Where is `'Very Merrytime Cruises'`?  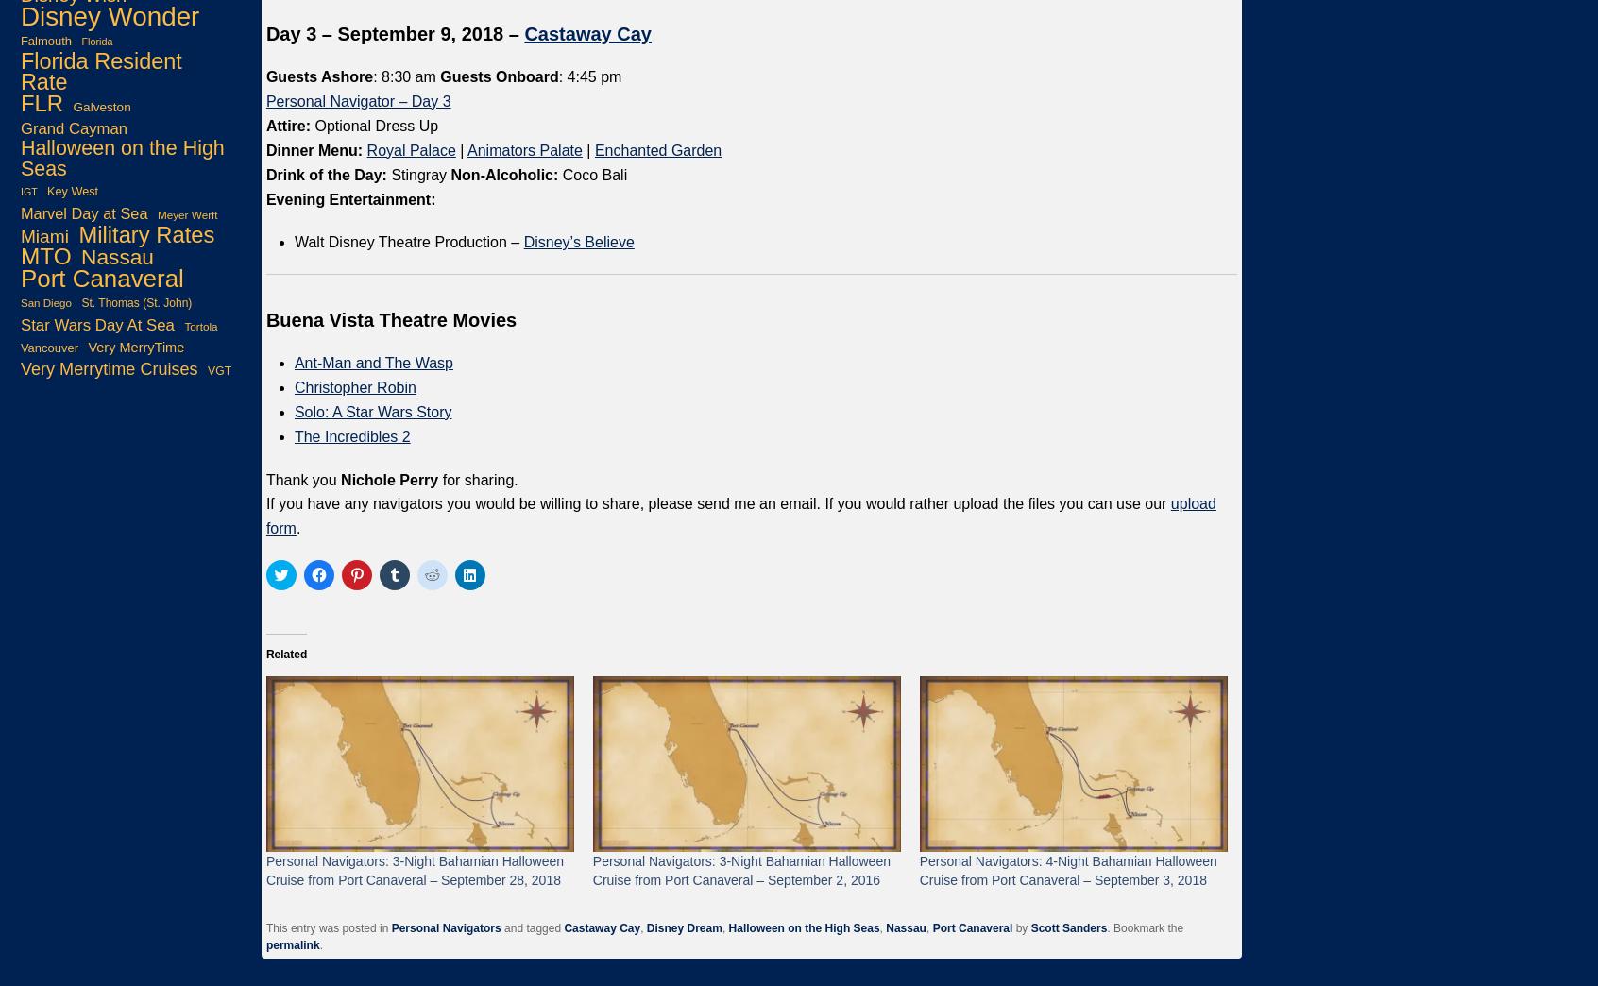 'Very Merrytime Cruises' is located at coordinates (109, 368).